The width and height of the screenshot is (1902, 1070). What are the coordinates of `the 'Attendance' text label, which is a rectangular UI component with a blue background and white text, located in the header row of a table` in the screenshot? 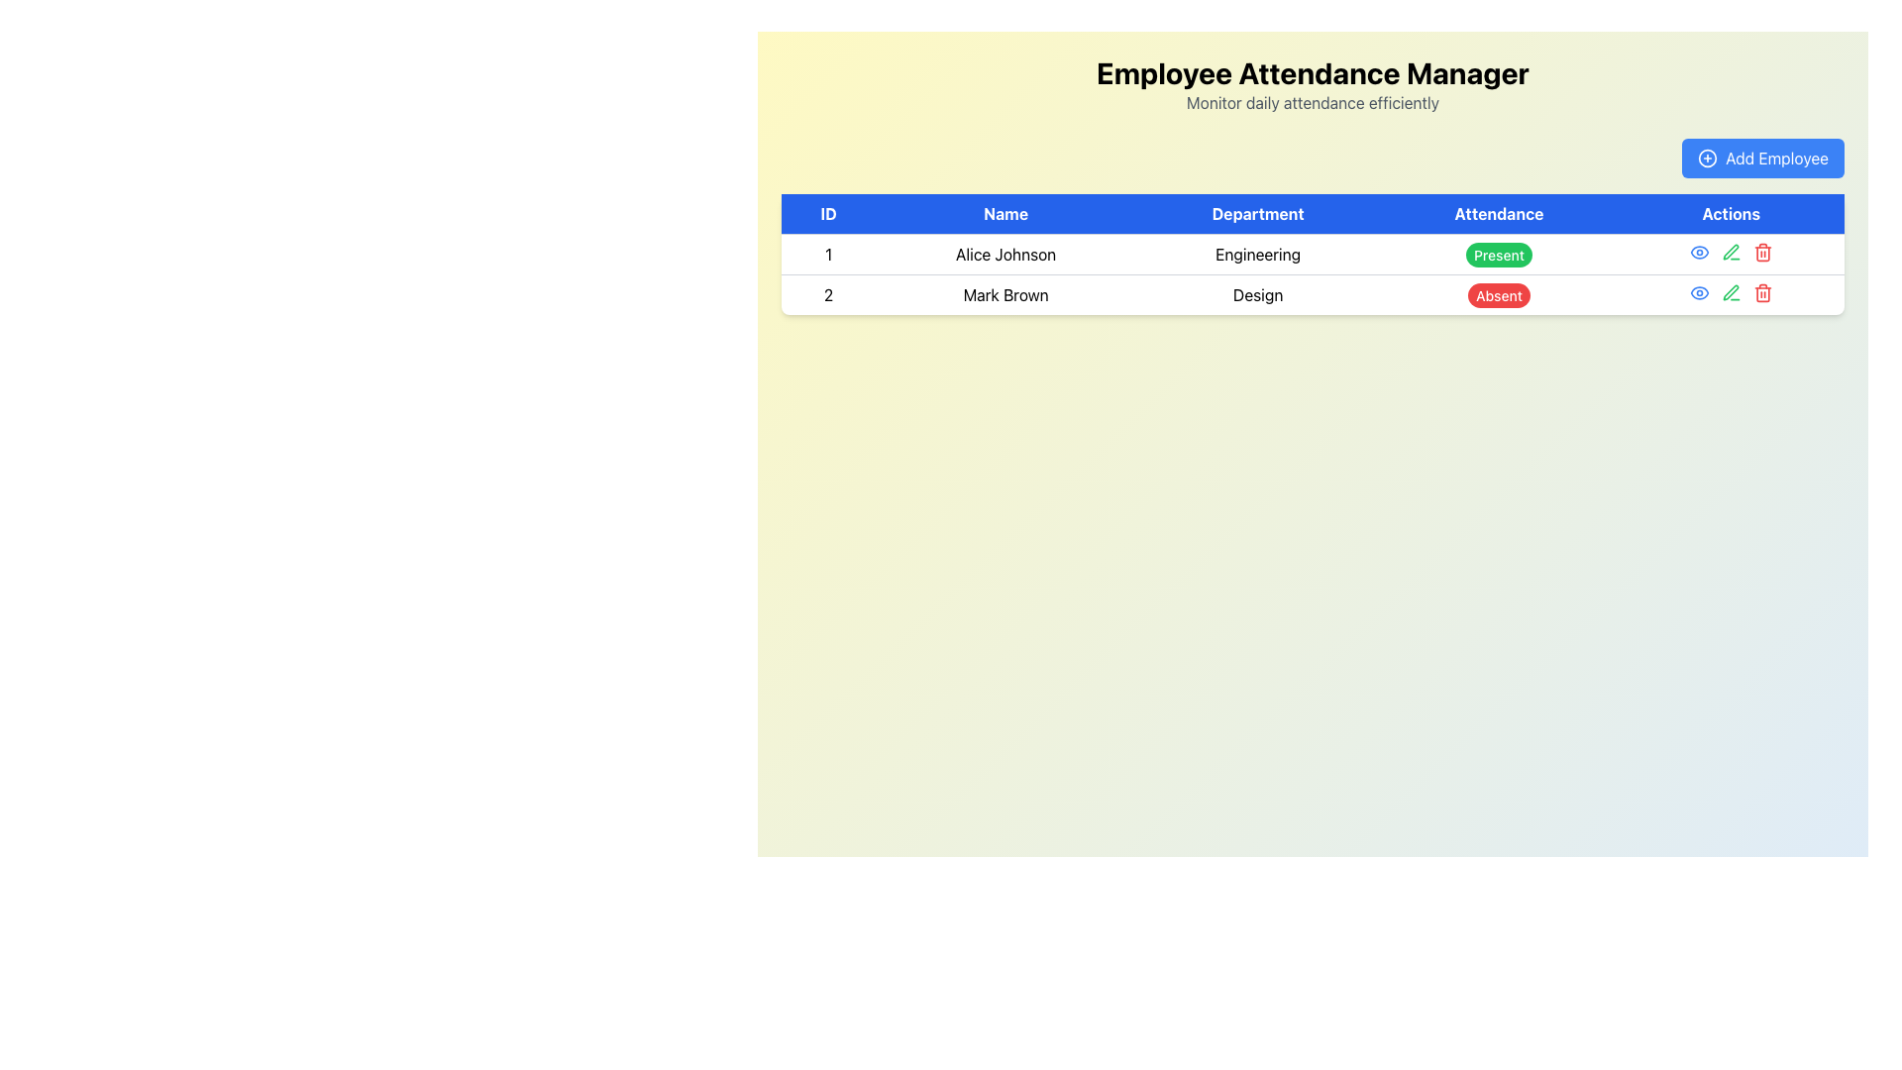 It's located at (1499, 214).